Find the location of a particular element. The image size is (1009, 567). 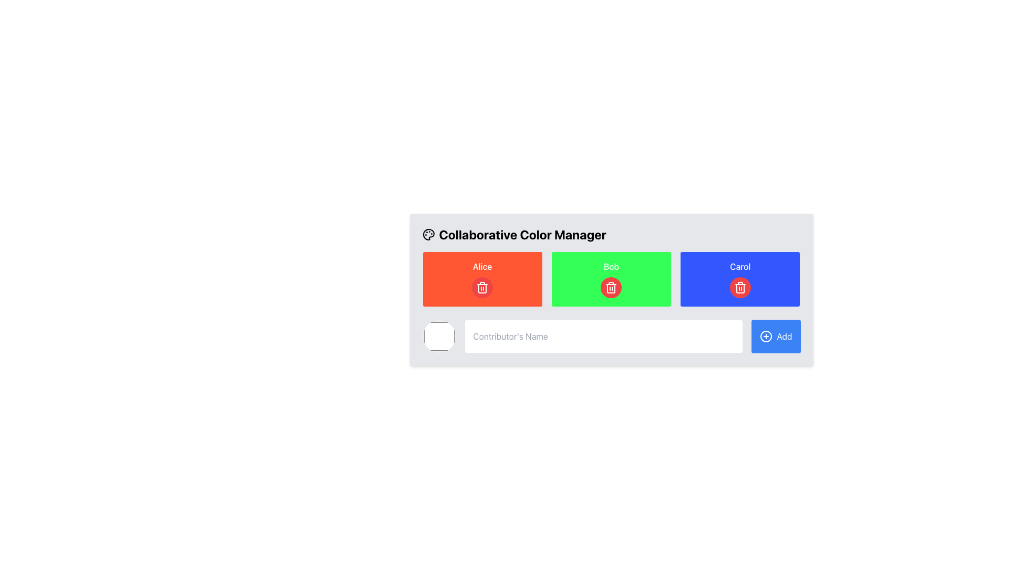

the red circular button with a white trash can icon located below the text 'Alice' in the 'Collaborative Color Manager' section is located at coordinates (481, 287).